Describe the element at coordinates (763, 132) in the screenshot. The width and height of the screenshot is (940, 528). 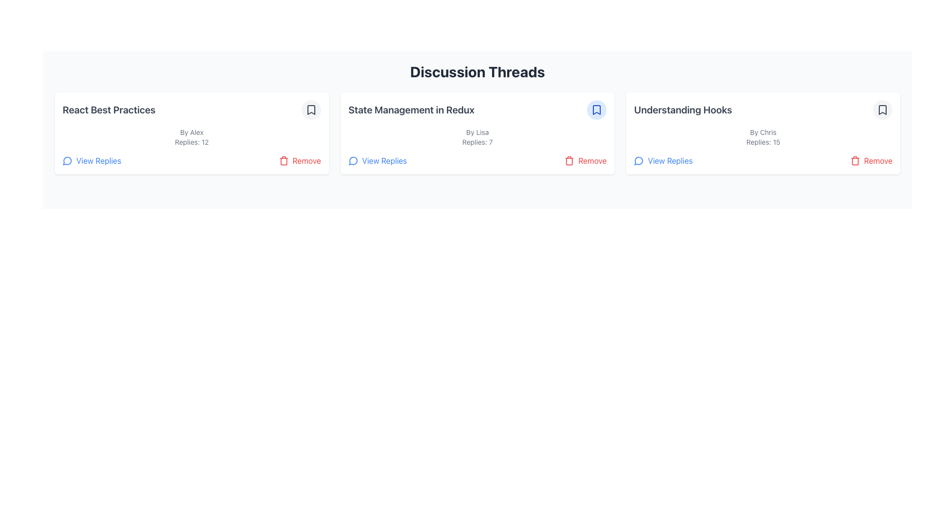
I see `the plain text label displaying 'By Chris' located beneath the title 'Understanding Hooks' in the middle content card of the right-most column` at that location.